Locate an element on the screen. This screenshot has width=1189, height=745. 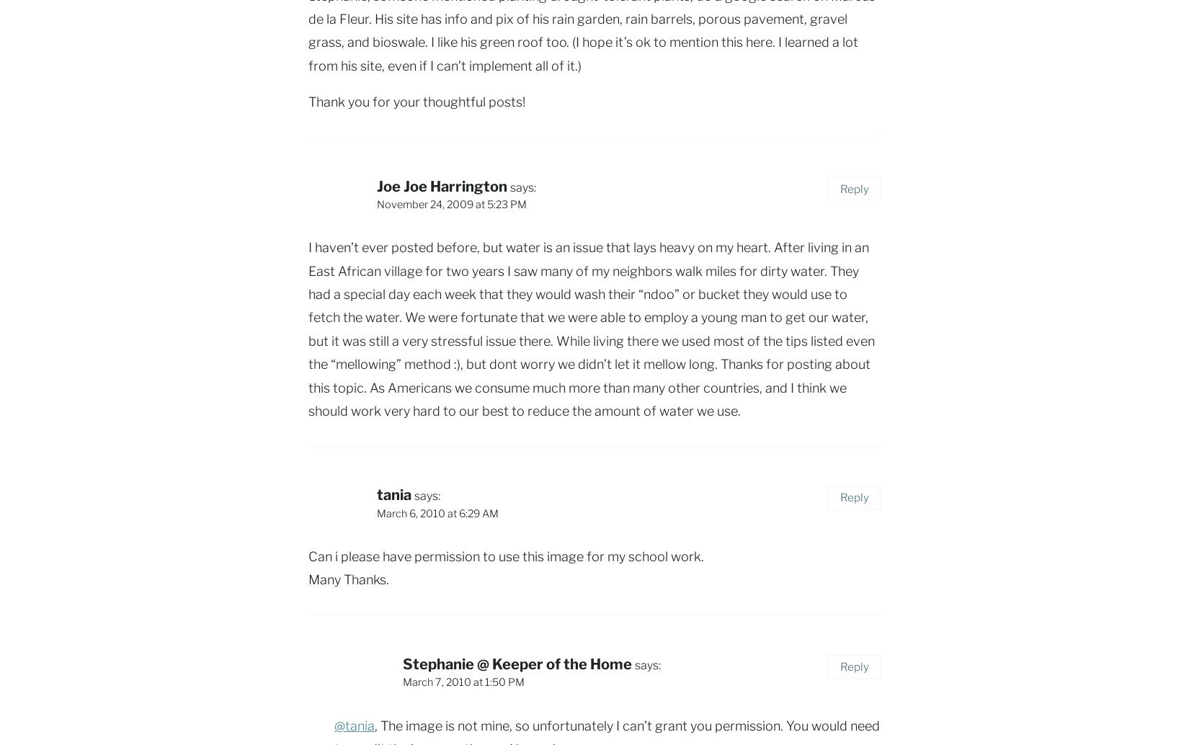
'tania' is located at coordinates (393, 494).